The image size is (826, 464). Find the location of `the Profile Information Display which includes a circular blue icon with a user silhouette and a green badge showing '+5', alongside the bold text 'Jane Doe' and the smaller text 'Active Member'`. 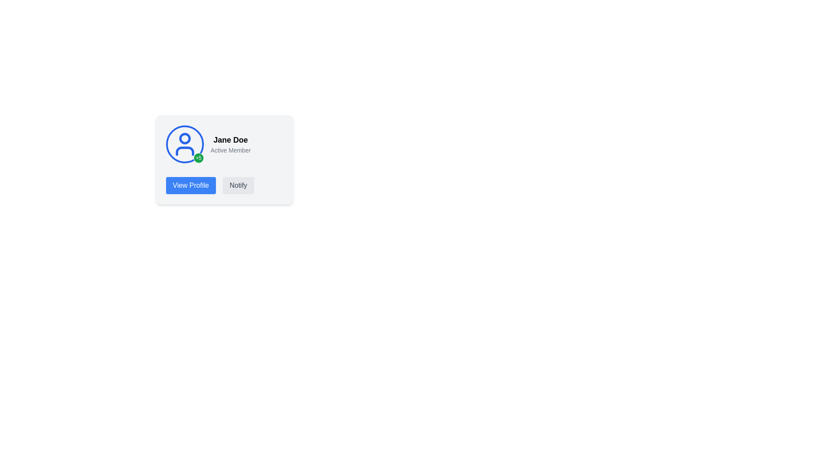

the Profile Information Display which includes a circular blue icon with a user silhouette and a green badge showing '+5', alongside the bold text 'Jane Doe' and the smaller text 'Active Member' is located at coordinates (224, 143).